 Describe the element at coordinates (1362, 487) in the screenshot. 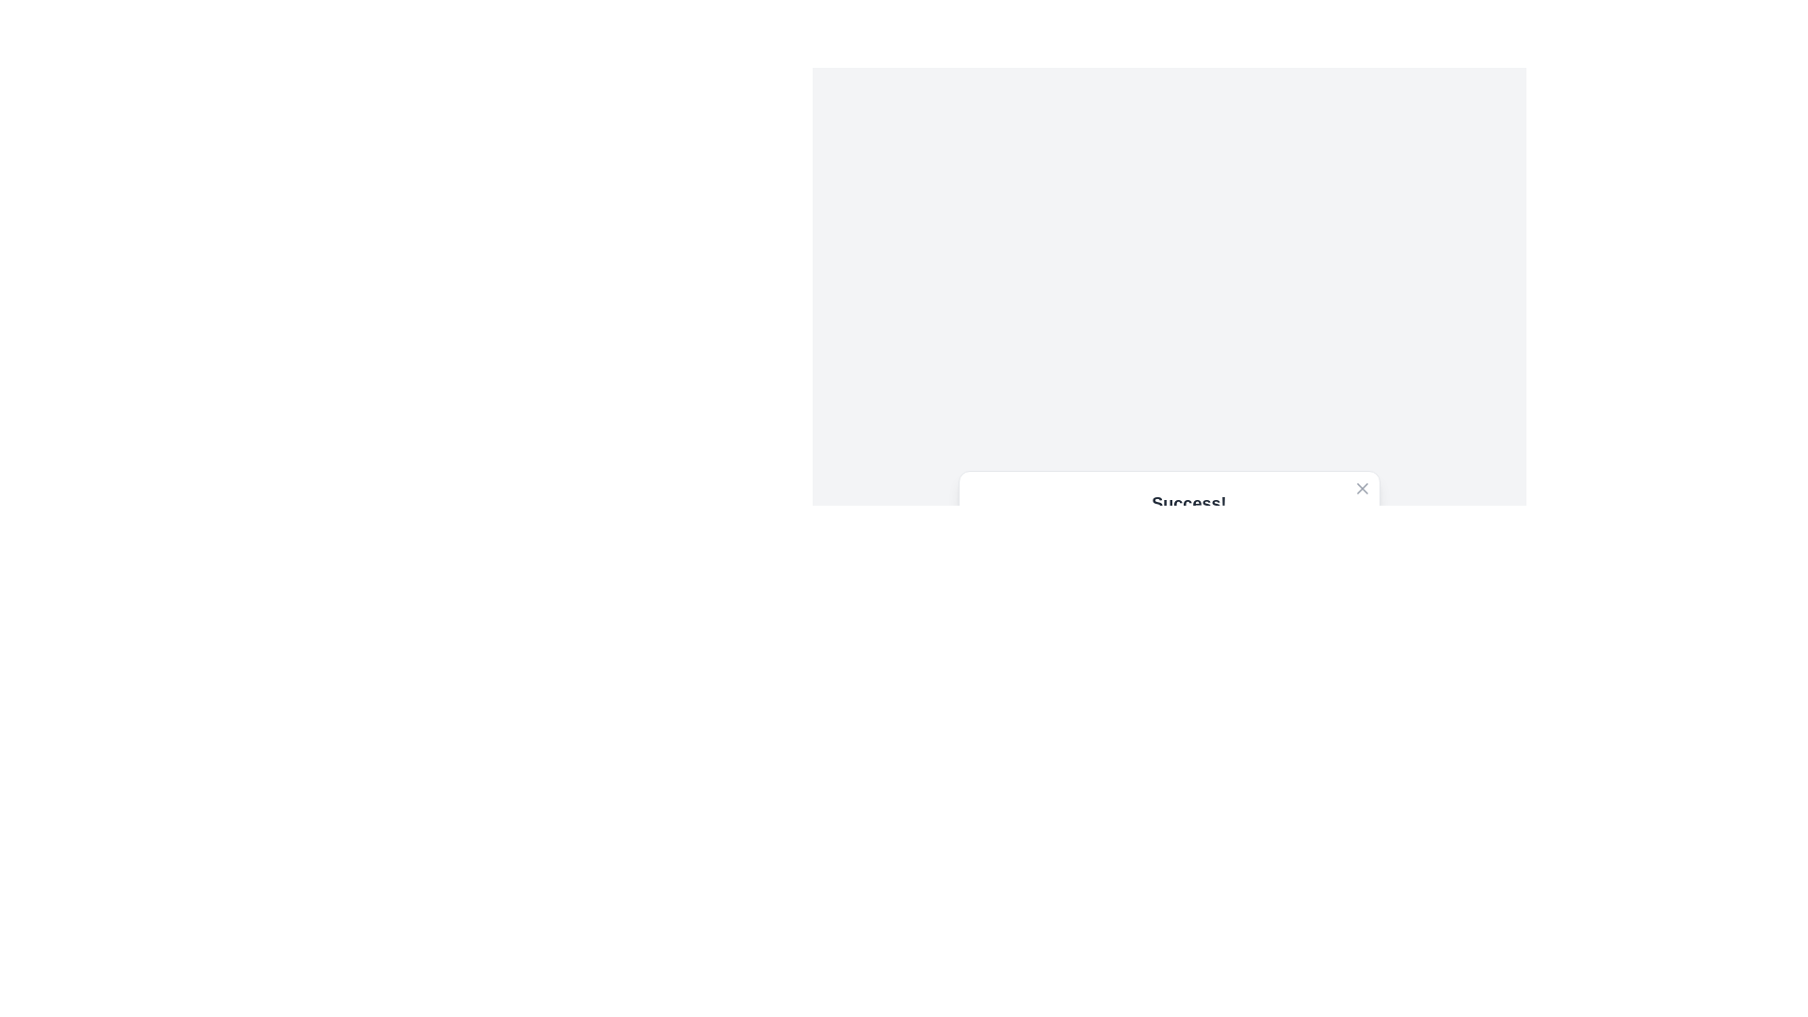

I see `close button to dismiss the alert` at that location.